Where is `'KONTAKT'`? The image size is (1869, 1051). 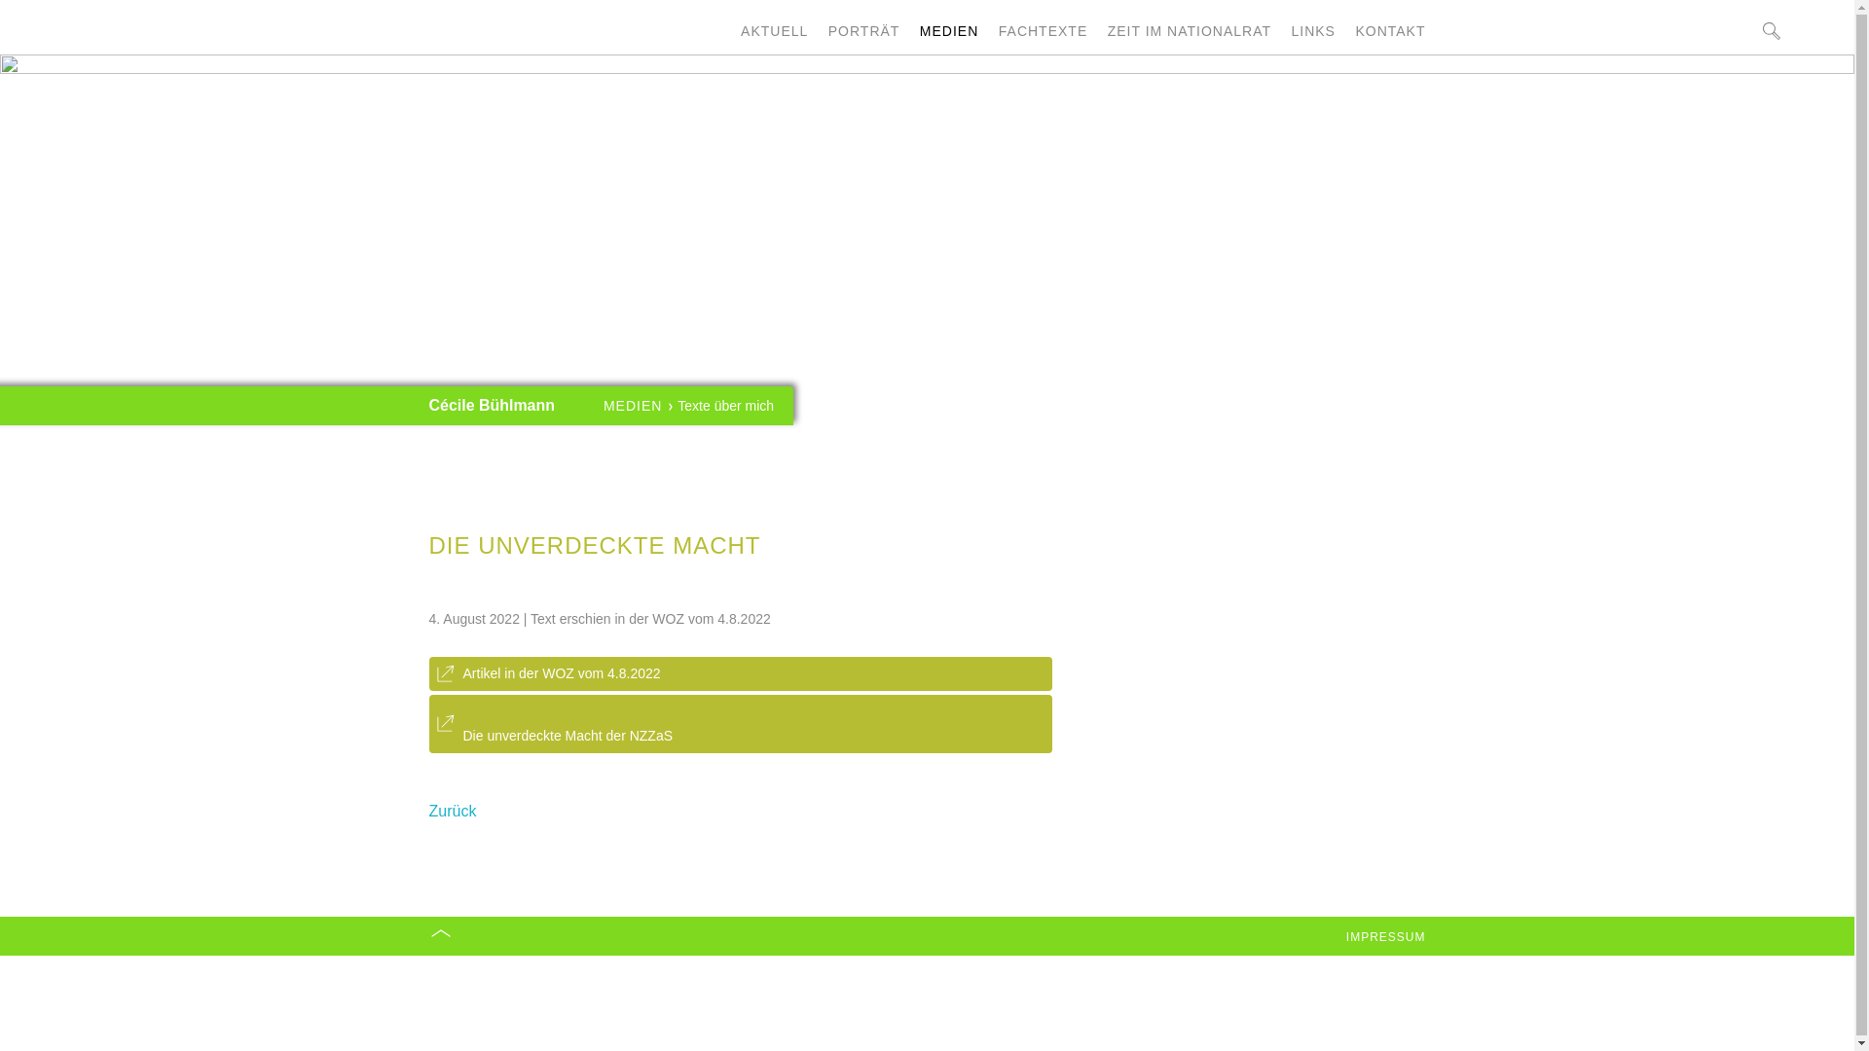
'KONTAKT' is located at coordinates (1388, 30).